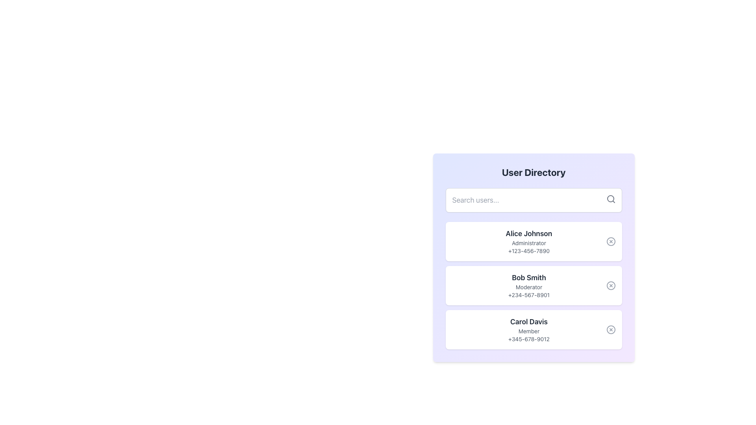  Describe the element at coordinates (529, 241) in the screenshot. I see `on the top entry Information card in the User Directory section` at that location.